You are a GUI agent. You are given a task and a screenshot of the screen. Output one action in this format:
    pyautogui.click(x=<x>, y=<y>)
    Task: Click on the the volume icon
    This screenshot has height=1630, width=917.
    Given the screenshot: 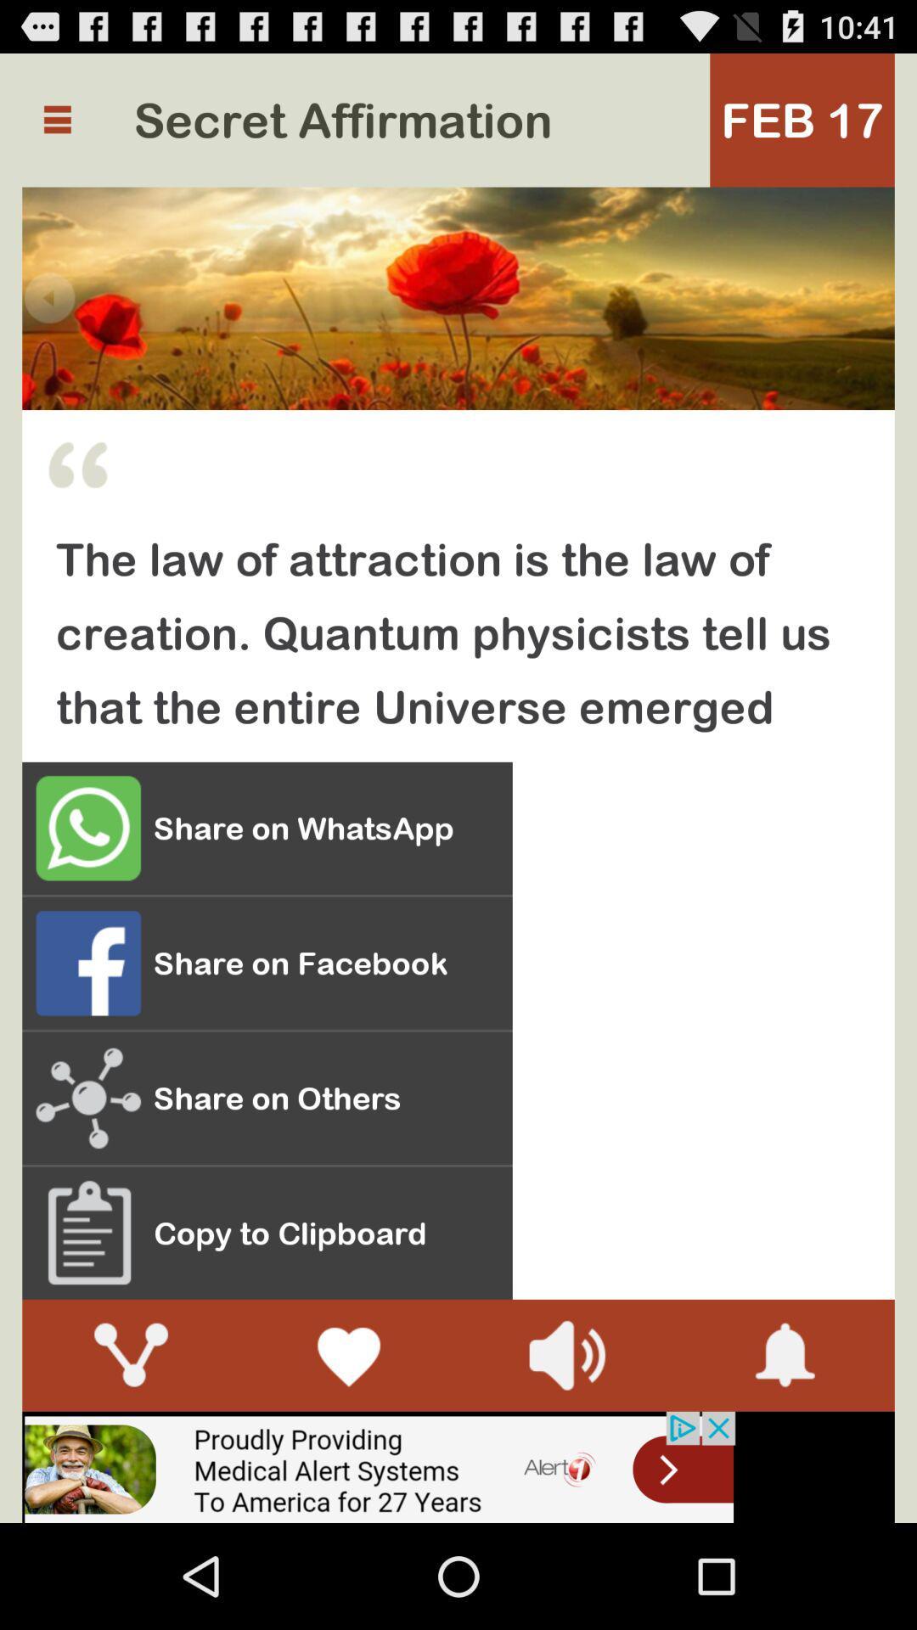 What is the action you would take?
    pyautogui.click(x=566, y=1449)
    